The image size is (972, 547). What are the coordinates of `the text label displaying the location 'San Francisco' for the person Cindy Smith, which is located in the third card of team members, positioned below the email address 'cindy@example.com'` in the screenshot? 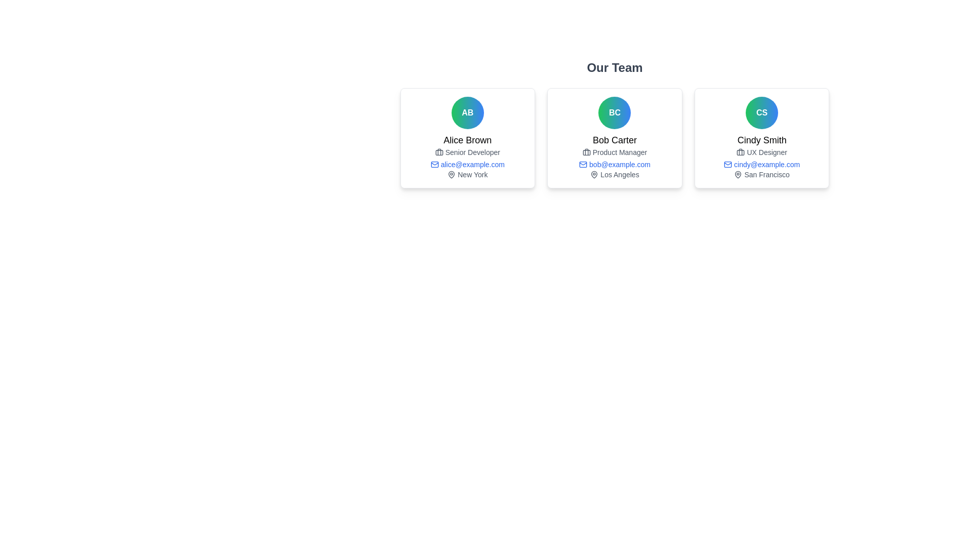 It's located at (762, 174).